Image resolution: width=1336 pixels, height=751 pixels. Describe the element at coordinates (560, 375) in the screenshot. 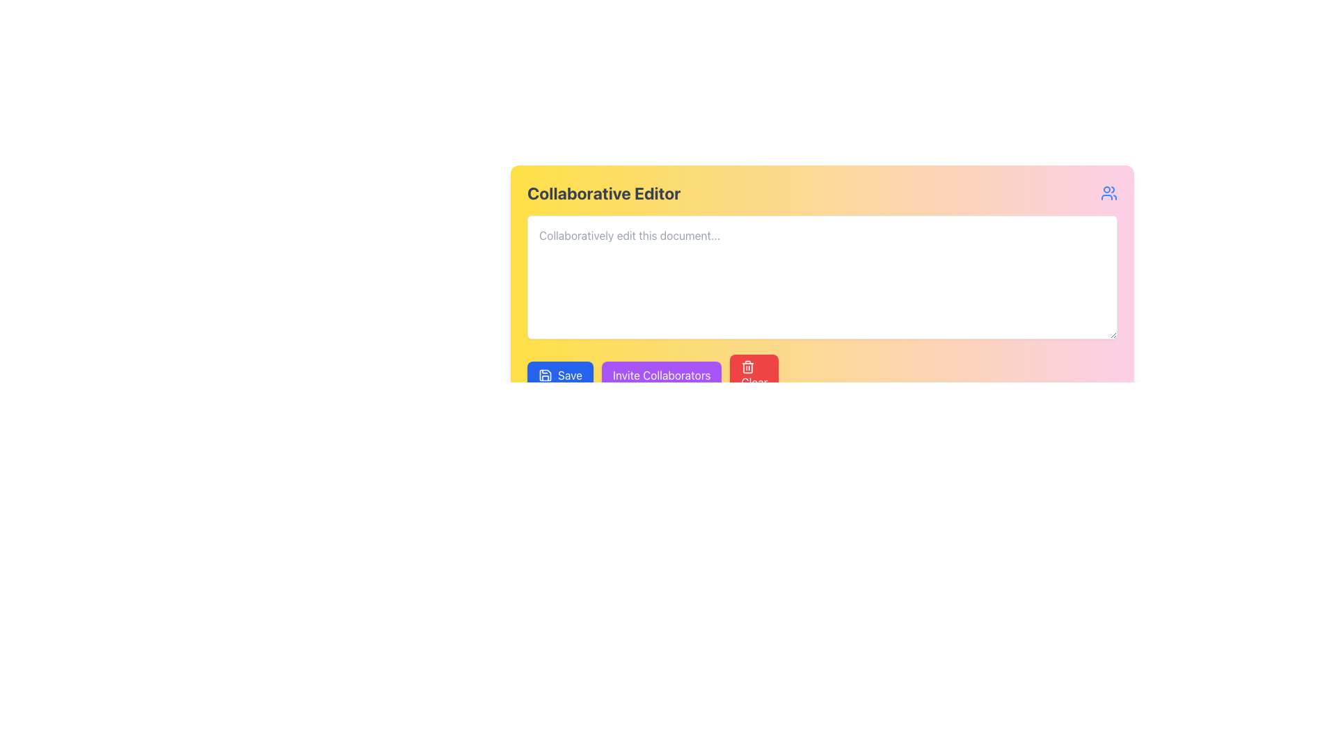

I see `the first button in the horizontal group below the text area` at that location.